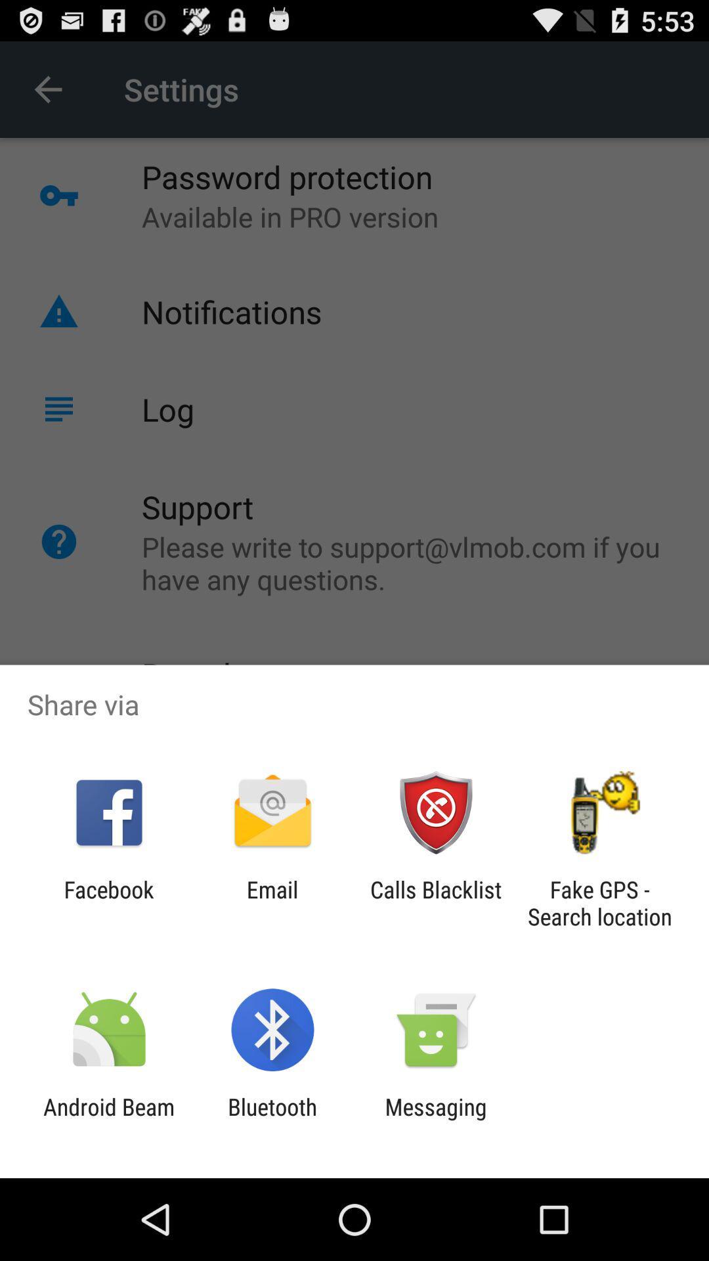 The height and width of the screenshot is (1261, 709). Describe the element at coordinates (272, 1120) in the screenshot. I see `the item next to the messaging app` at that location.